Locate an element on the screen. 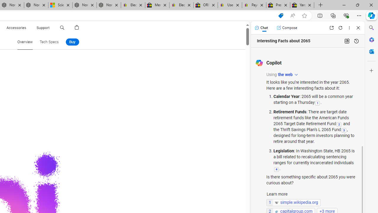 The height and width of the screenshot is (213, 378). 'Accessories menu' is located at coordinates (27, 28).